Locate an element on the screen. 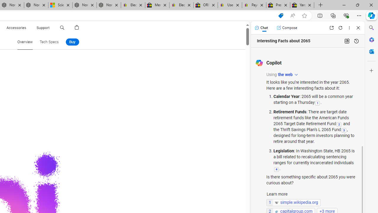 The height and width of the screenshot is (213, 378). 'Accessories menu' is located at coordinates (27, 28).